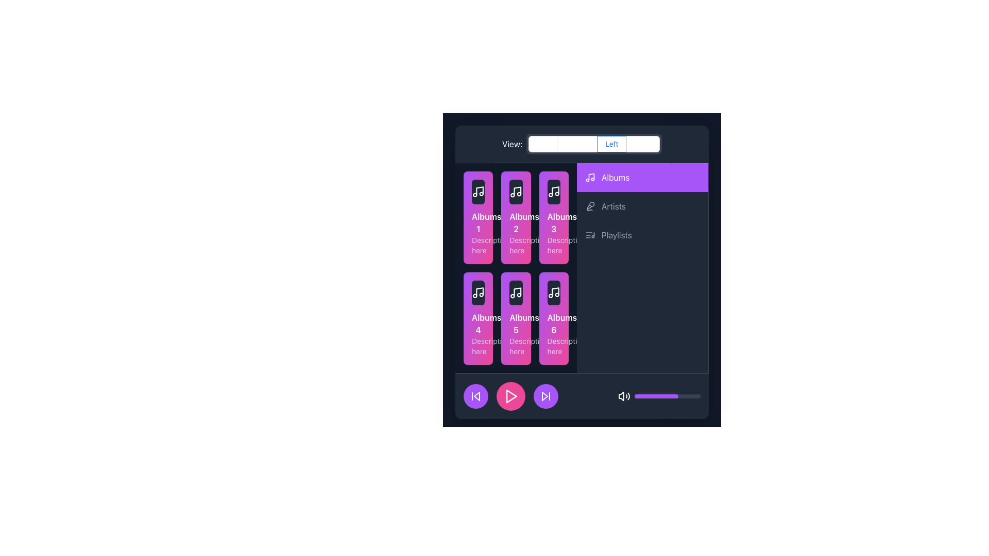 The height and width of the screenshot is (556, 989). I want to click on the volume, so click(637, 396).